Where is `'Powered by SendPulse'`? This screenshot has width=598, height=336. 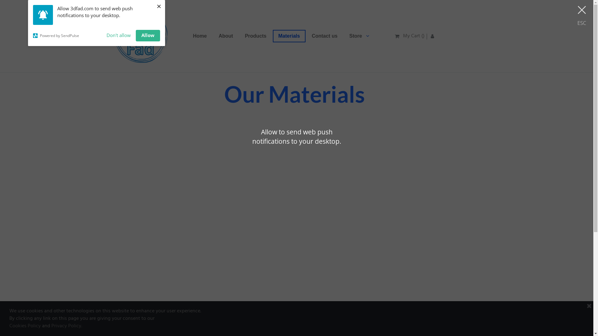
'Powered by SendPulse' is located at coordinates (67, 35).